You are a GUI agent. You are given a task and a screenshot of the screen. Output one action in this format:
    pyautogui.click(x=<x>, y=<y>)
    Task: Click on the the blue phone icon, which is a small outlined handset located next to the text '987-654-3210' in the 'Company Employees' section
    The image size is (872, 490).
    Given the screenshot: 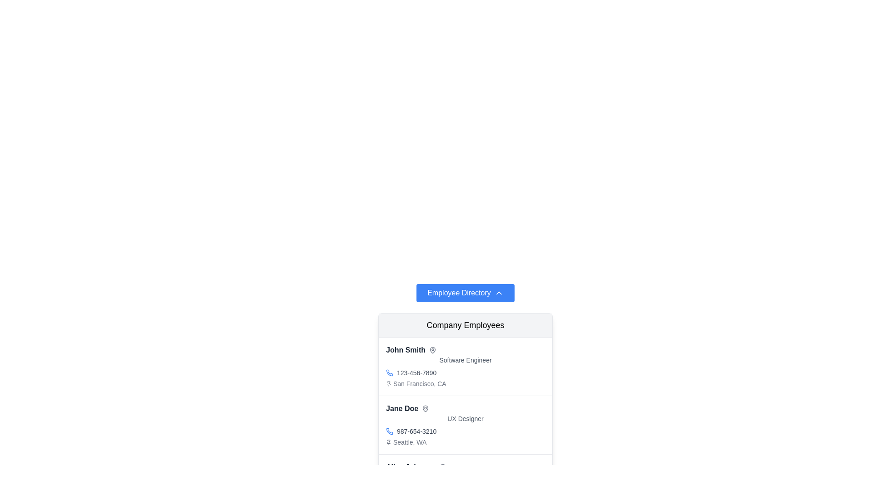 What is the action you would take?
    pyautogui.click(x=390, y=431)
    